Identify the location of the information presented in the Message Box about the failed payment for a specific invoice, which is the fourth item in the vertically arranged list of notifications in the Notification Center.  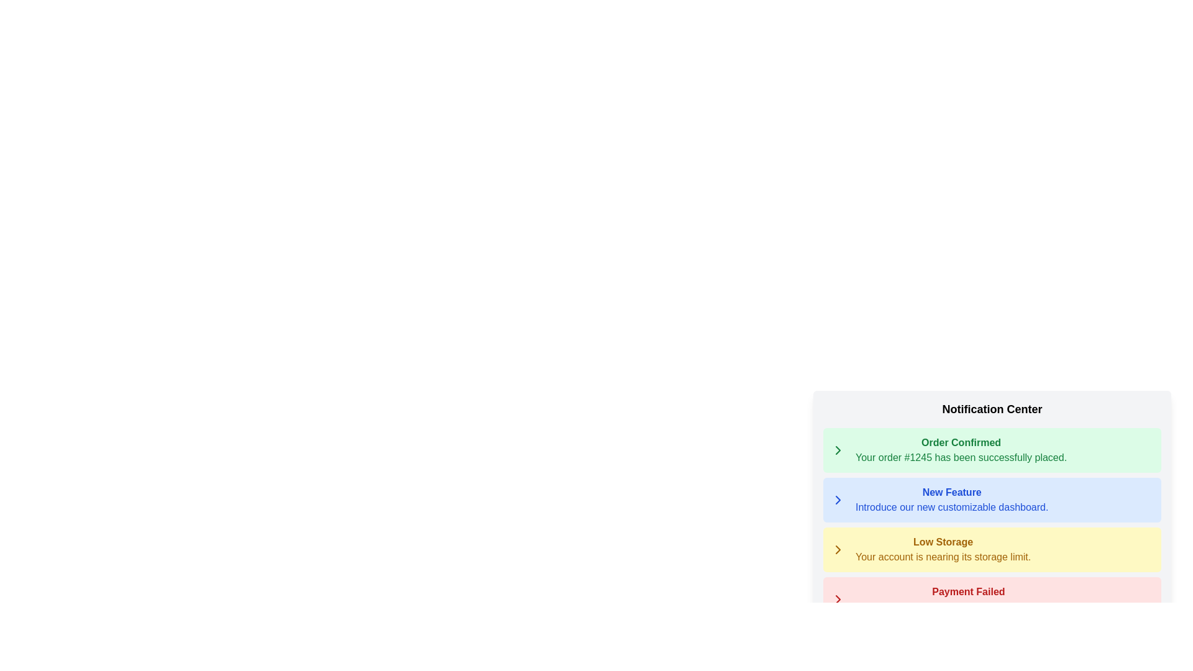
(992, 598).